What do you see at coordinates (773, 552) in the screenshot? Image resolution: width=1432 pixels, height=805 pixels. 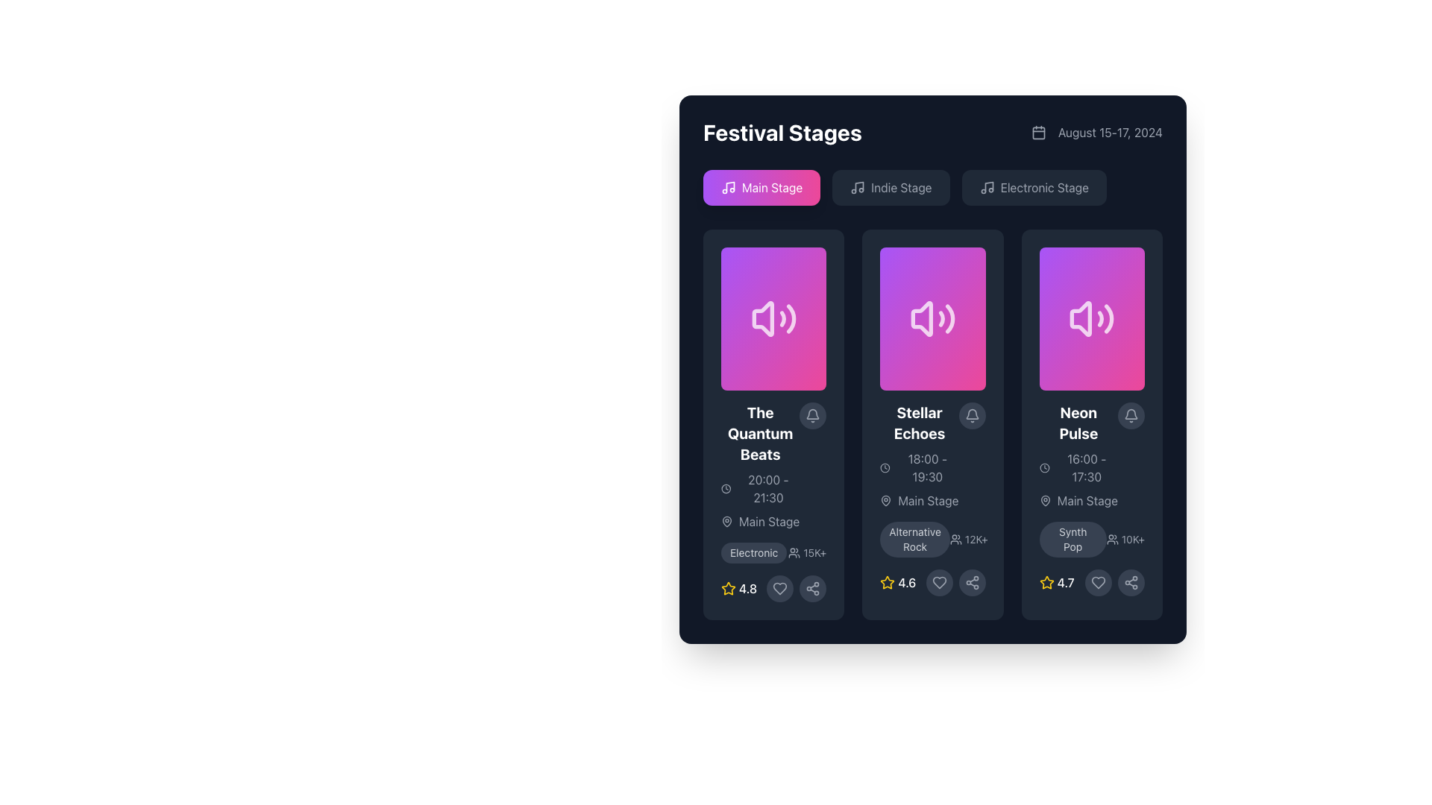 I see `the text label with an icon indicating the genre 'Electronic' and popularity '15K+ attendees' located at the bottom-left of the first card for 'The Quantum Beats'` at bounding box center [773, 552].